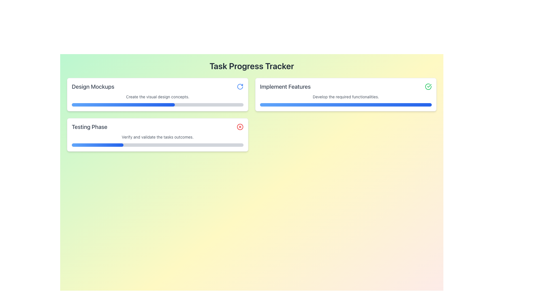 This screenshot has width=545, height=306. What do you see at coordinates (158, 135) in the screenshot?
I see `title and description of the 'Testing Phase' Task Card located in the bottom-left corner of the grid layout, specifically the third card in a vertical sequence` at bounding box center [158, 135].